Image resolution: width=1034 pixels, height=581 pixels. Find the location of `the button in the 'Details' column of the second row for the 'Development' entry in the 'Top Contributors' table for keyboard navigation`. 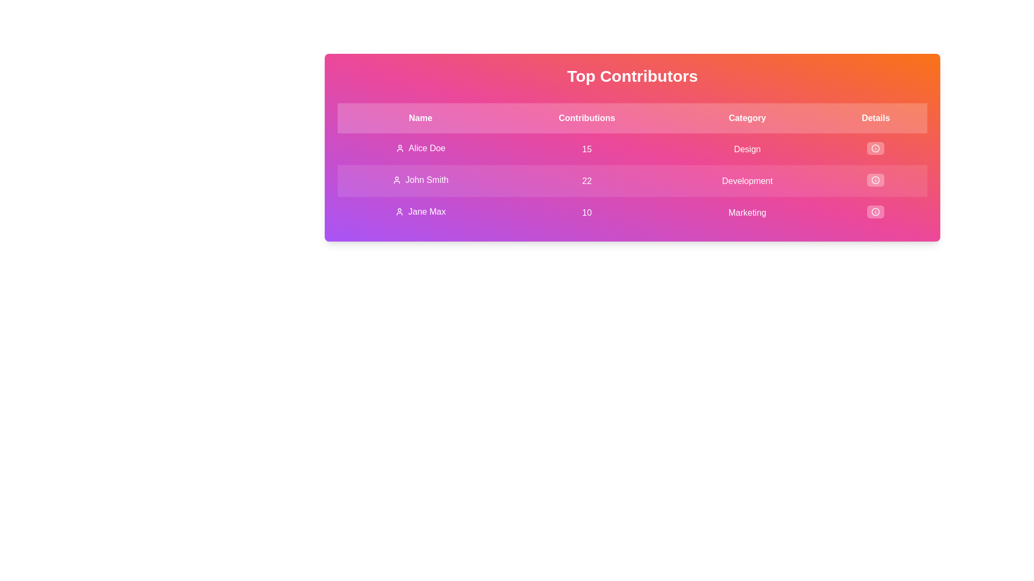

the button in the 'Details' column of the second row for the 'Development' entry in the 'Top Contributors' table for keyboard navigation is located at coordinates (876, 180).